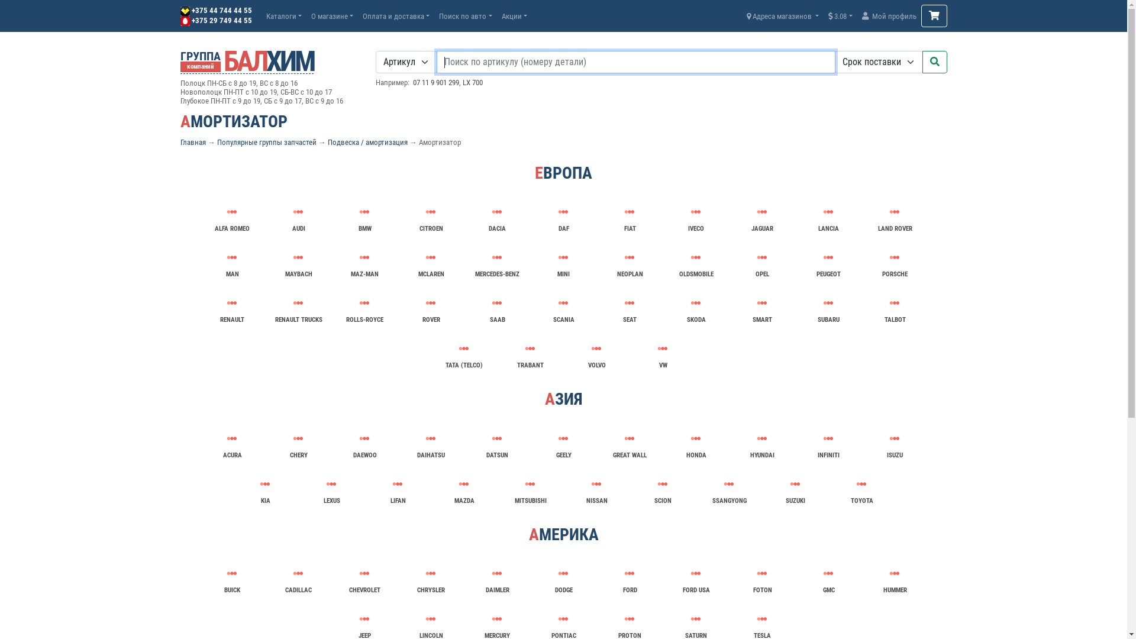 This screenshot has height=639, width=1136. I want to click on 'VOLVO', so click(596, 352).